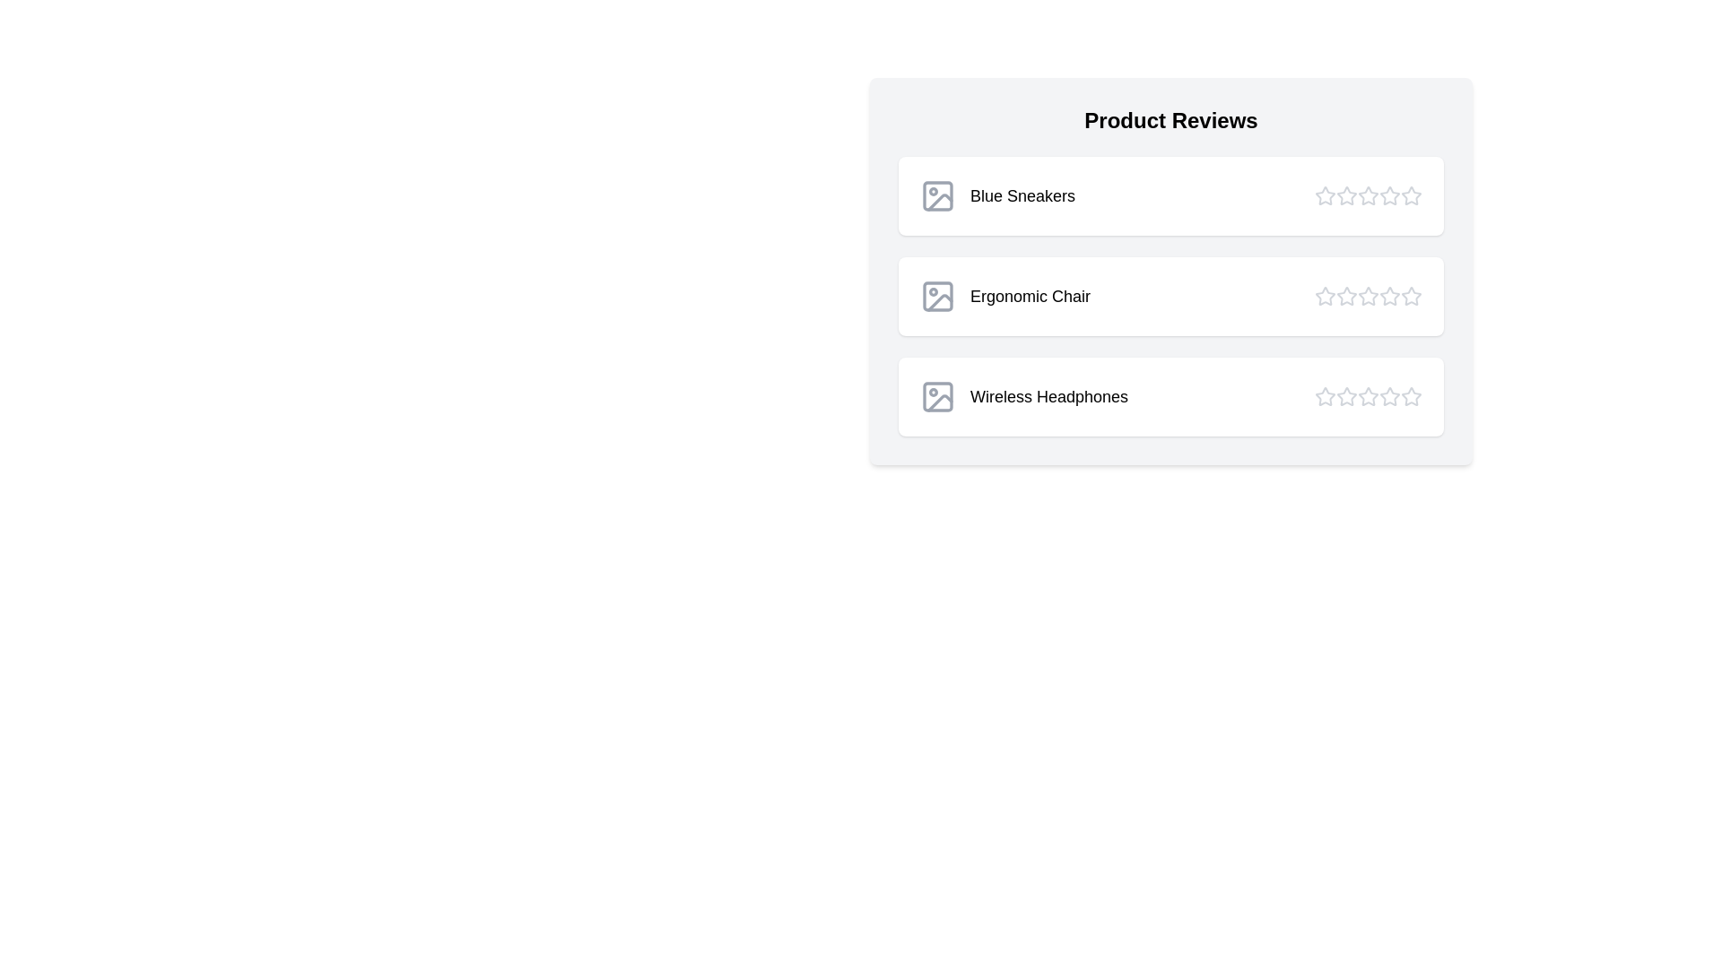  What do you see at coordinates (1326, 296) in the screenshot?
I see `the star corresponding to 1 stars for the product Ergonomic Chair` at bounding box center [1326, 296].